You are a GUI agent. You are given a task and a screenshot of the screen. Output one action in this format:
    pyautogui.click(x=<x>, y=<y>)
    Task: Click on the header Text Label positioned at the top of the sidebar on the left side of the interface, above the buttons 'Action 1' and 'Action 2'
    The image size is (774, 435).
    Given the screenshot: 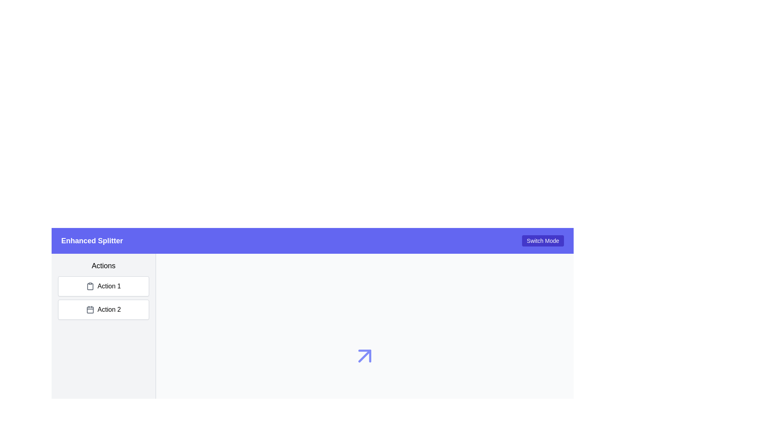 What is the action you would take?
    pyautogui.click(x=103, y=265)
    